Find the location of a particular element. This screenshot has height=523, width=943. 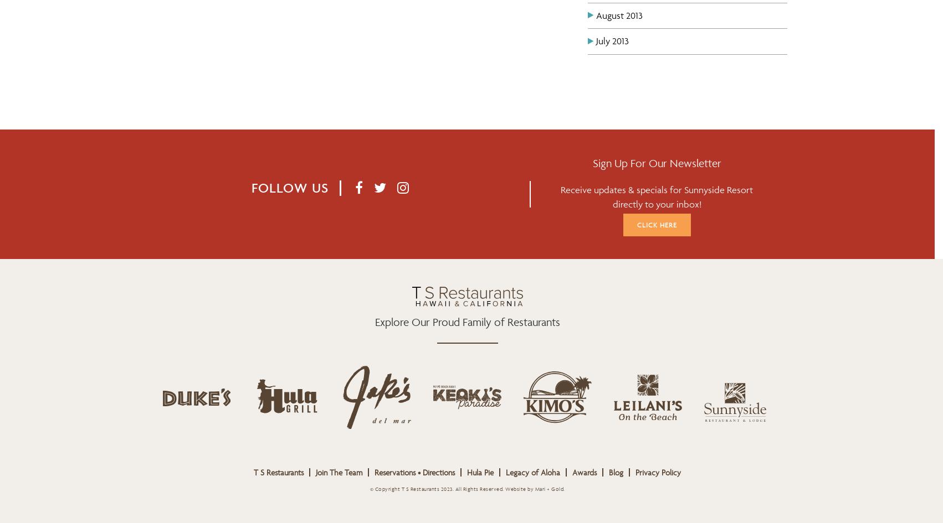

'Sign Up For Our Newsletter' is located at coordinates (656, 163).